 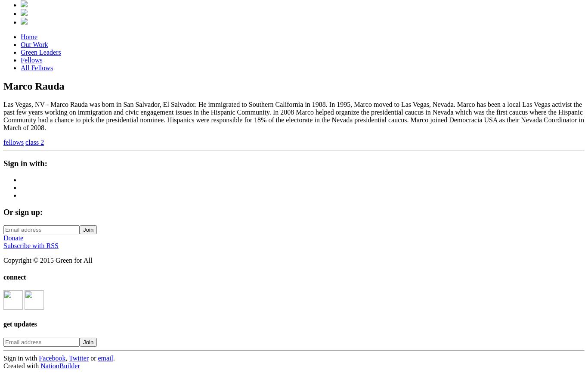 I want to click on 'All Fellows', so click(x=37, y=68).